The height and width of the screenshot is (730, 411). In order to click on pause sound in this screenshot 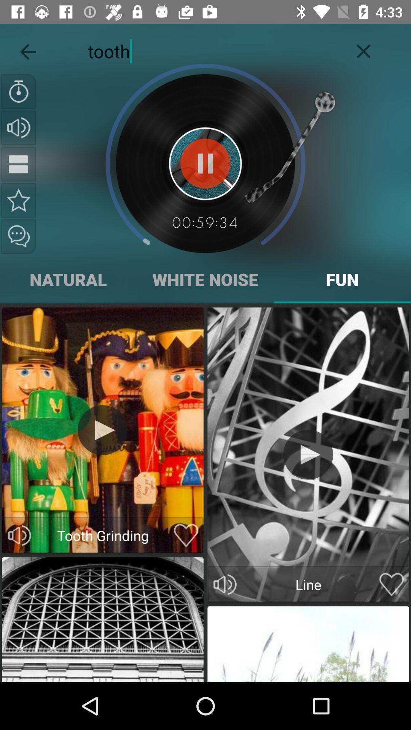, I will do `click(205, 163)`.